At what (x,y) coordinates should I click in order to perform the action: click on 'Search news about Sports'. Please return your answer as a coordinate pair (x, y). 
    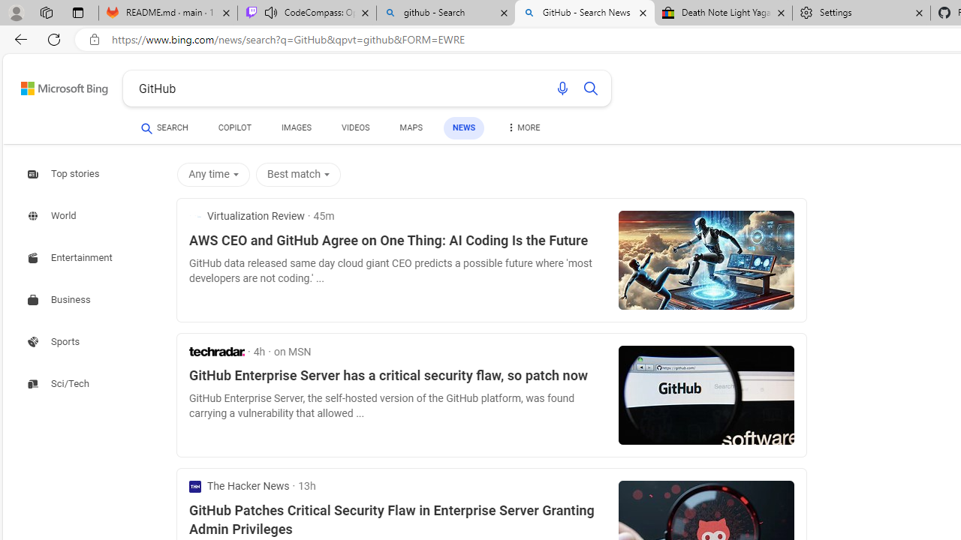
    Looking at the image, I should click on (56, 341).